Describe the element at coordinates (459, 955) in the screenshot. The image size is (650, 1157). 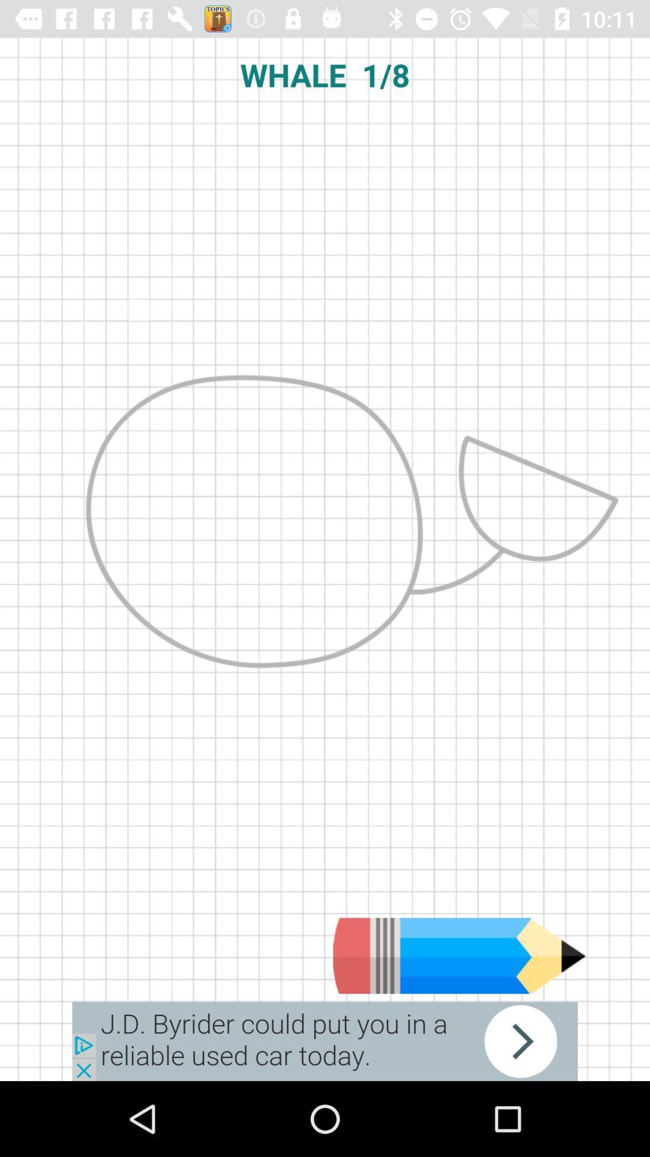
I see `drawing option` at that location.